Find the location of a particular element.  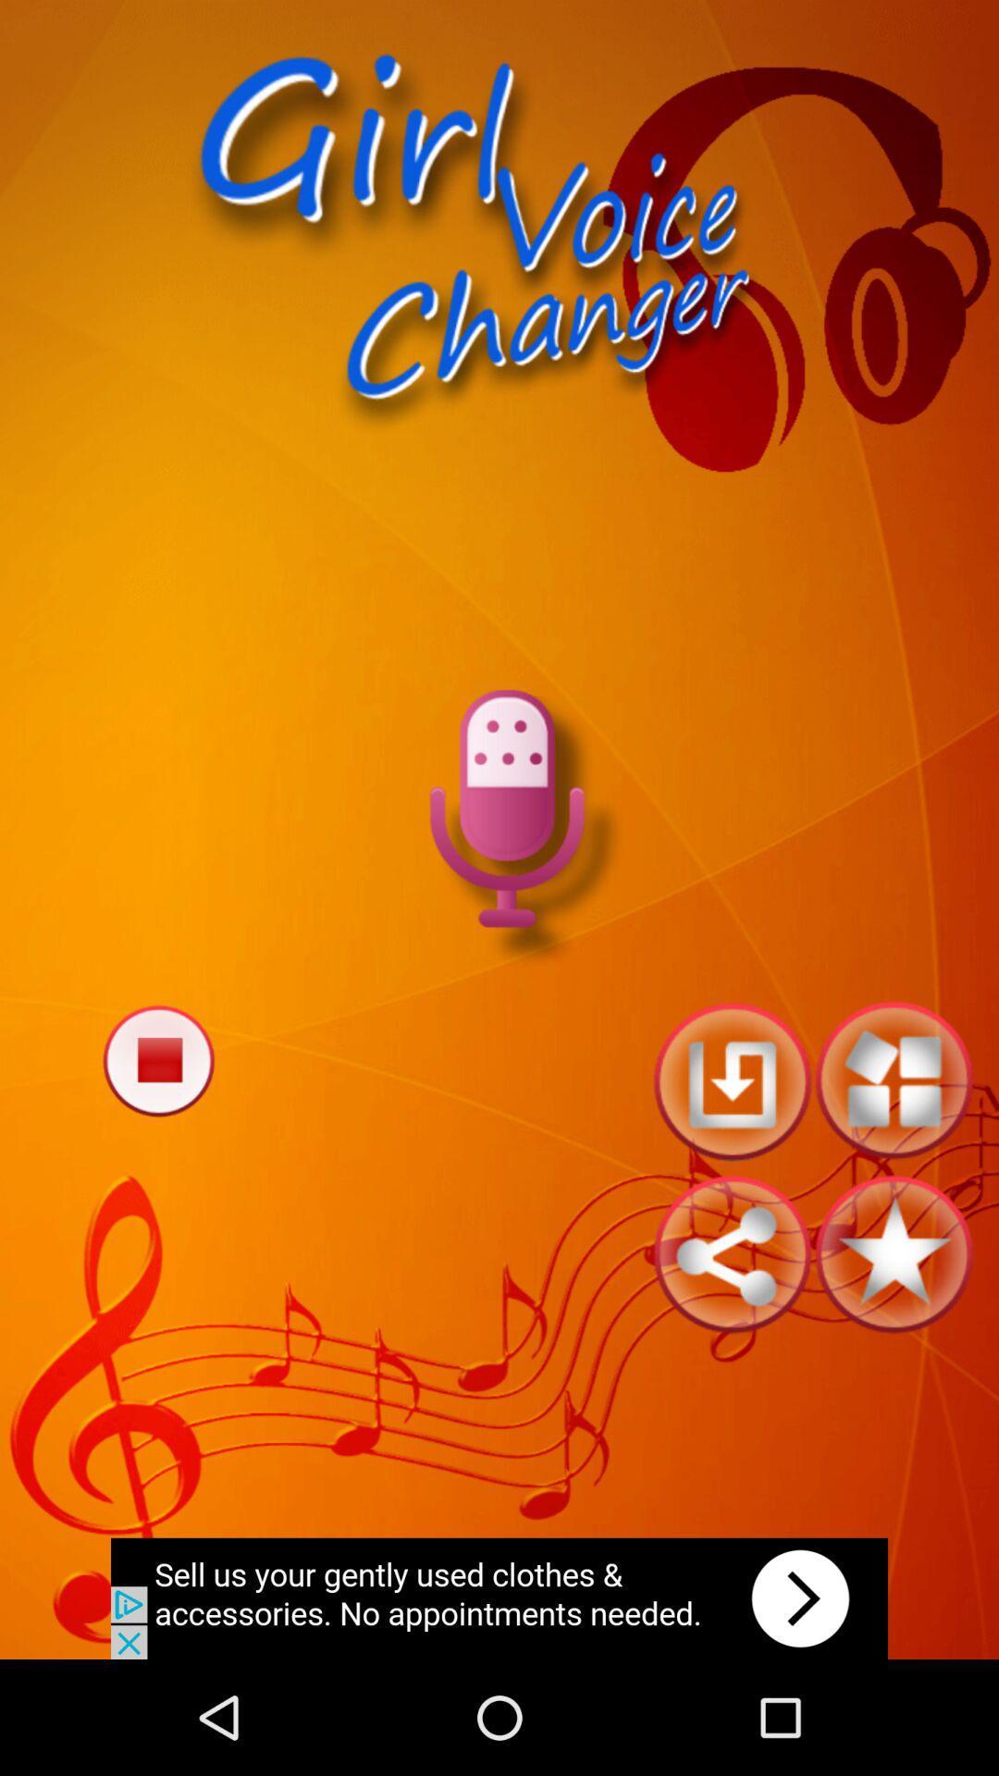

record voice is located at coordinates (499, 829).